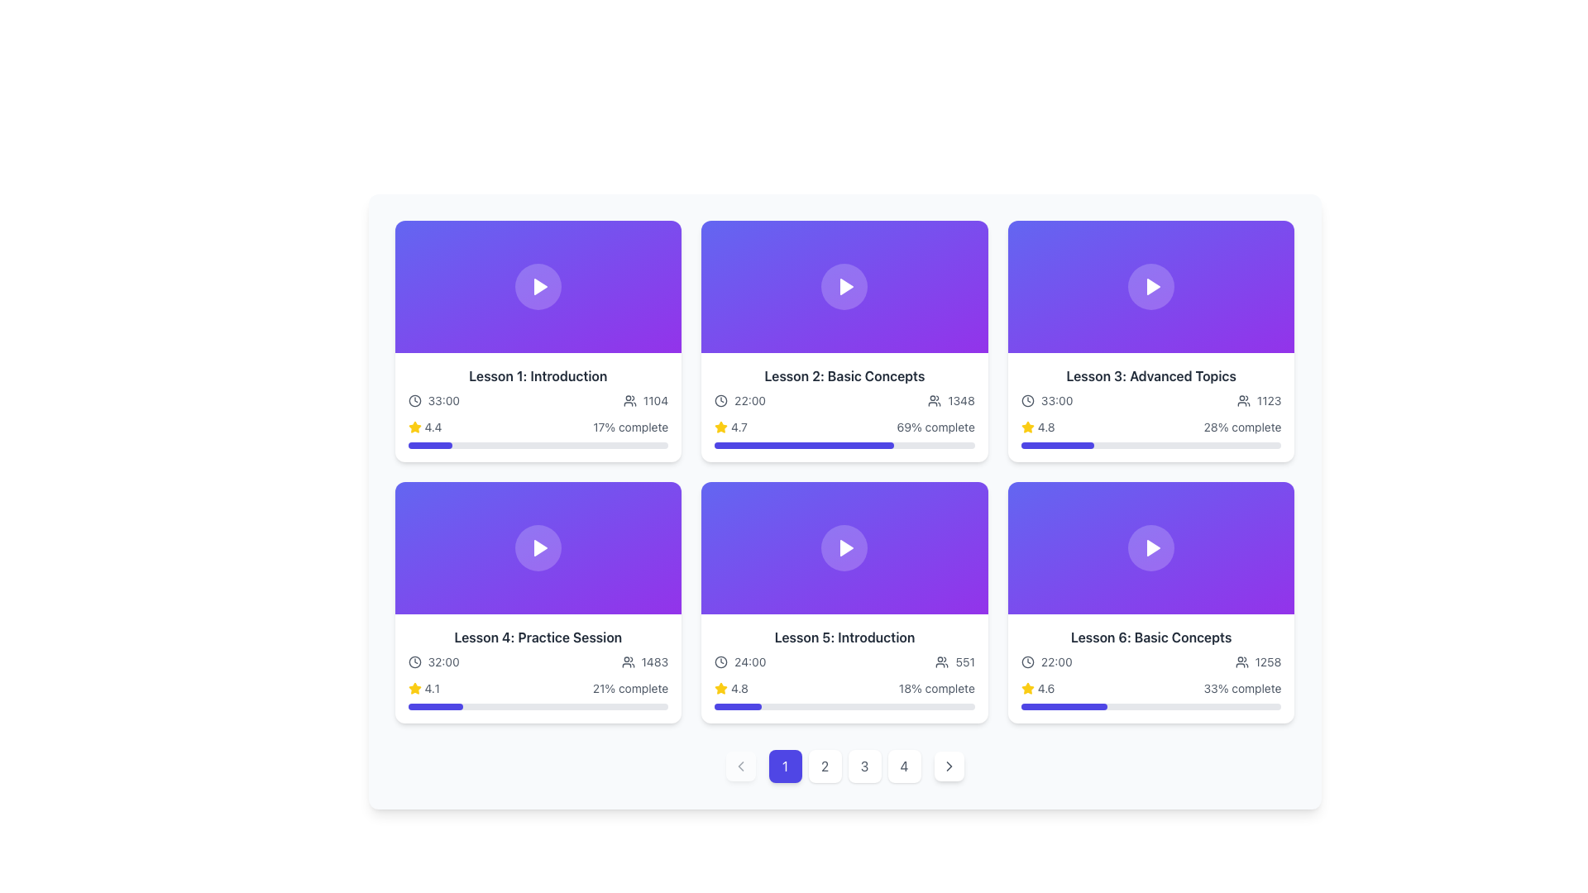 The image size is (1588, 893). I want to click on the pagination button group labeled '1234', so click(844, 766).